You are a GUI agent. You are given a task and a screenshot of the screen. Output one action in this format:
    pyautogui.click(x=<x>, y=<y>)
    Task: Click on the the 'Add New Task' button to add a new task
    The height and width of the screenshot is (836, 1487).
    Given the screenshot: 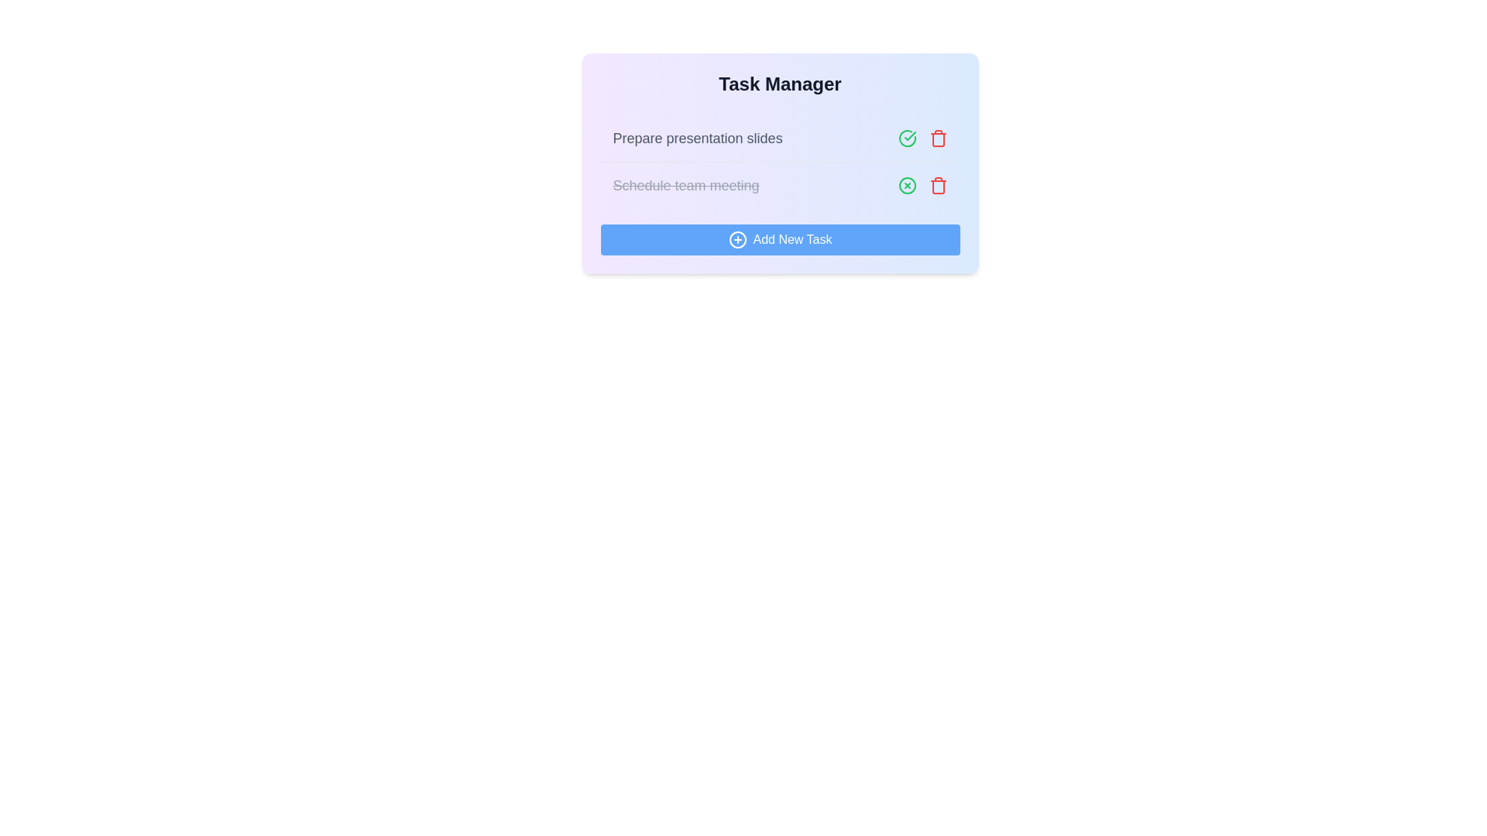 What is the action you would take?
    pyautogui.click(x=780, y=239)
    